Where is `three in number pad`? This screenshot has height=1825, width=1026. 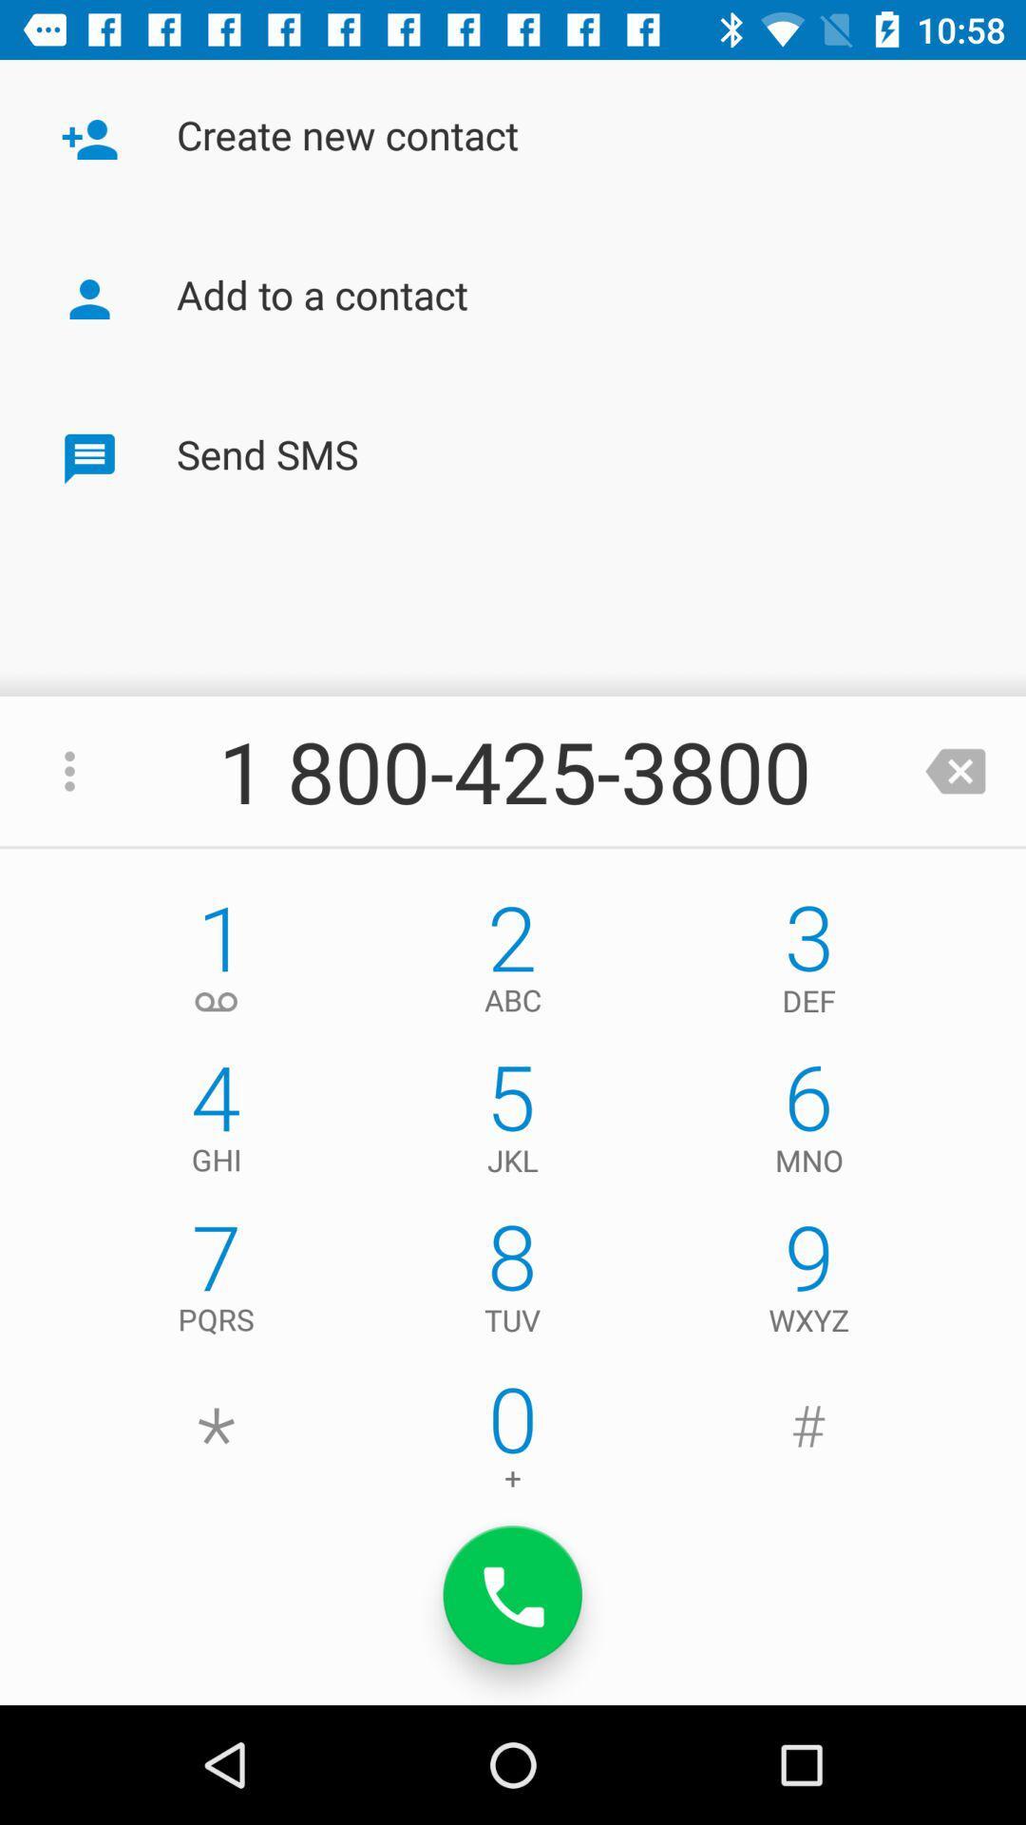 three in number pad is located at coordinates (809, 963).